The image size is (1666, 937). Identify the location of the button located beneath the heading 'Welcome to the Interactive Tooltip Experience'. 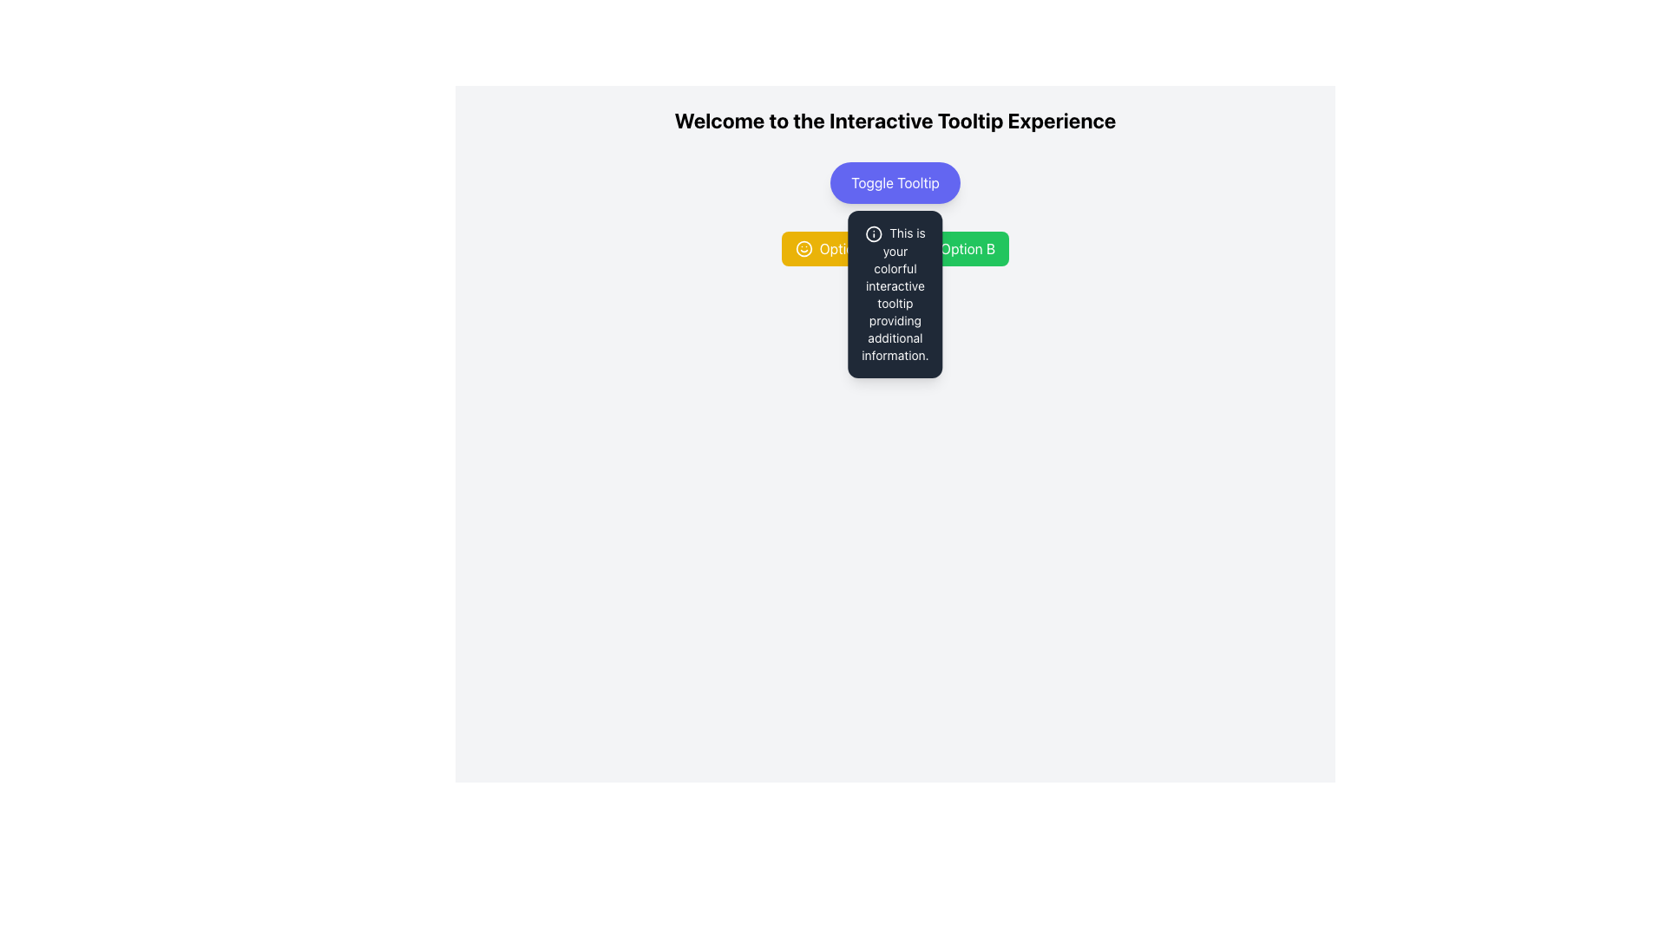
(895, 183).